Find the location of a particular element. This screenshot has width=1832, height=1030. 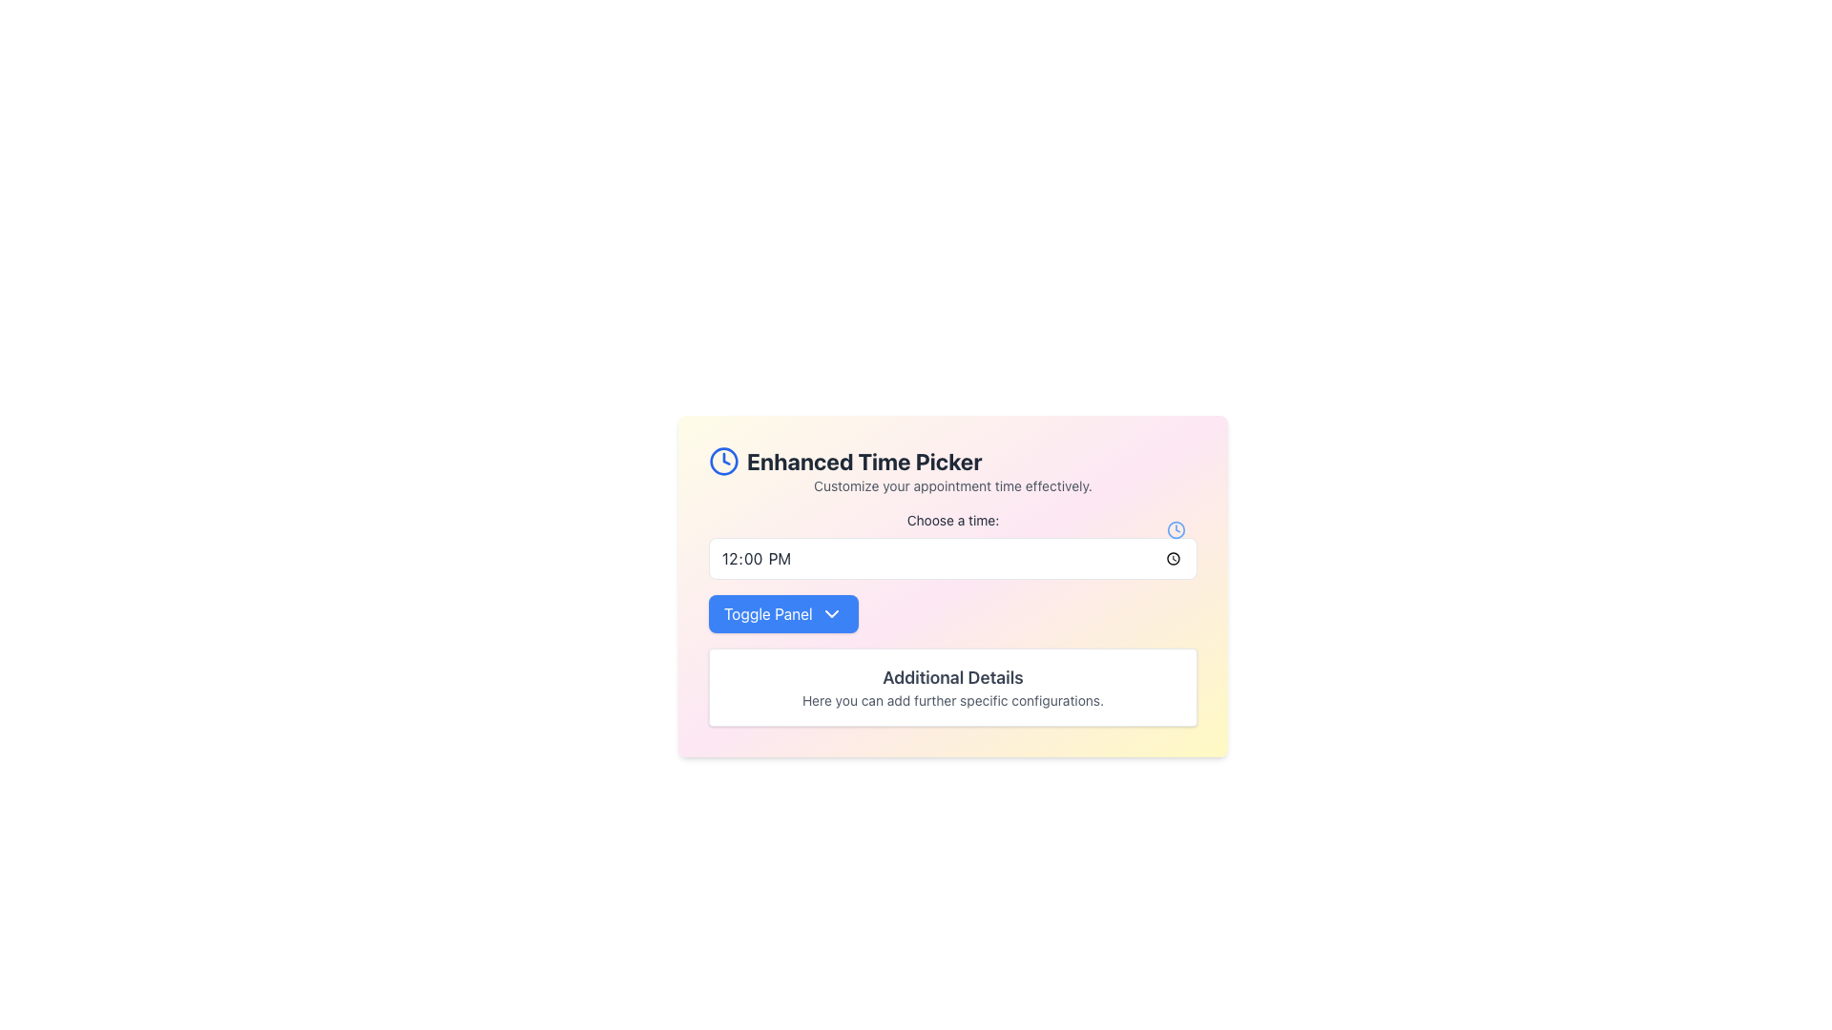

the clock-shaped icon with a blue outline located to the left of the heading 'Enhanced Time Picker' is located at coordinates (722, 461).